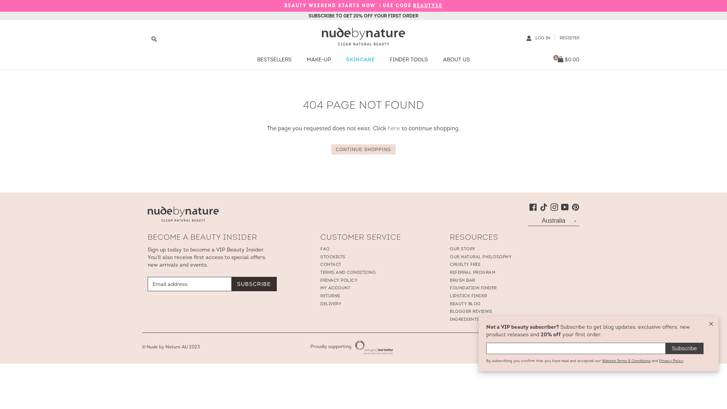 Image resolution: width=727 pixels, height=409 pixels. What do you see at coordinates (330, 296) in the screenshot?
I see `'RETURNS'` at bounding box center [330, 296].